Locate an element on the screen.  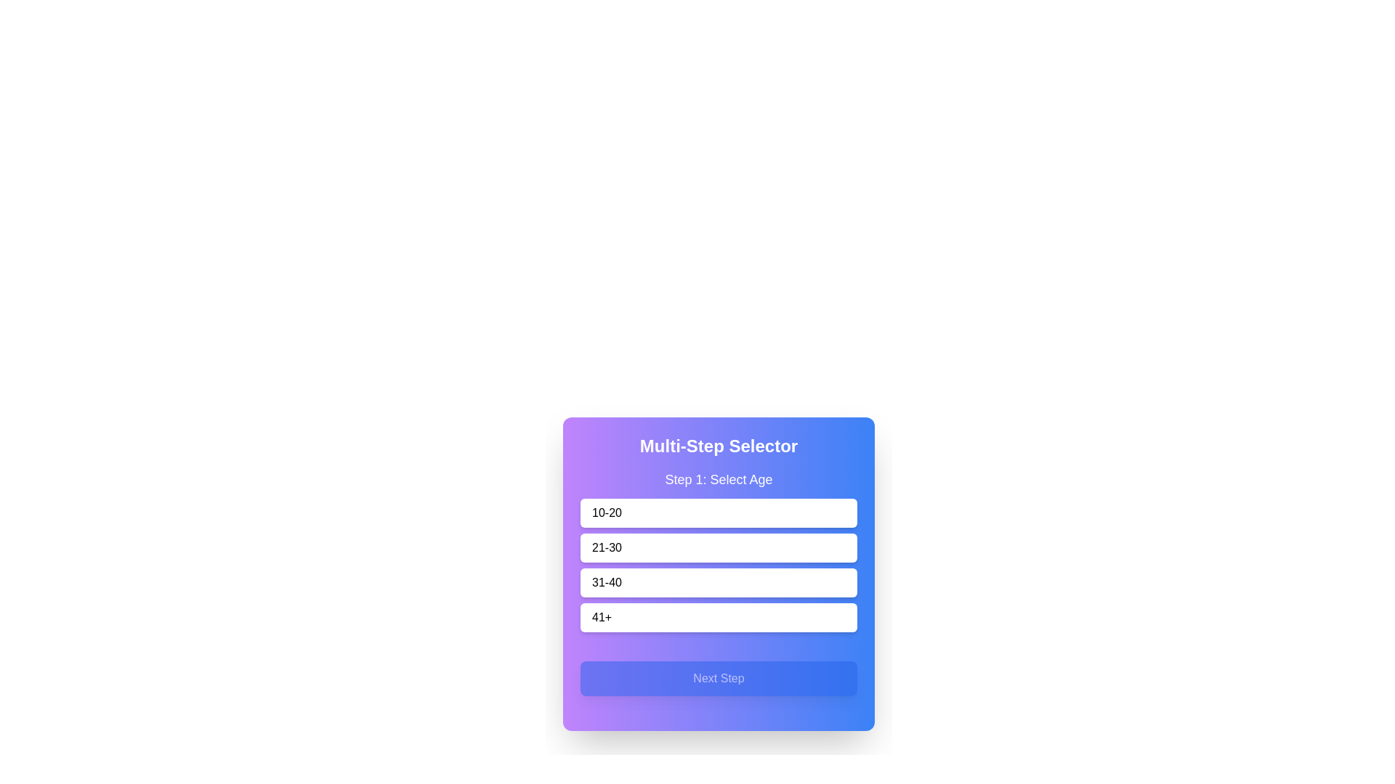
the text label displaying '31-40', which is styled as a selectable button in the age range selection menu, located between '21-30' and '41+' is located at coordinates (607, 581).